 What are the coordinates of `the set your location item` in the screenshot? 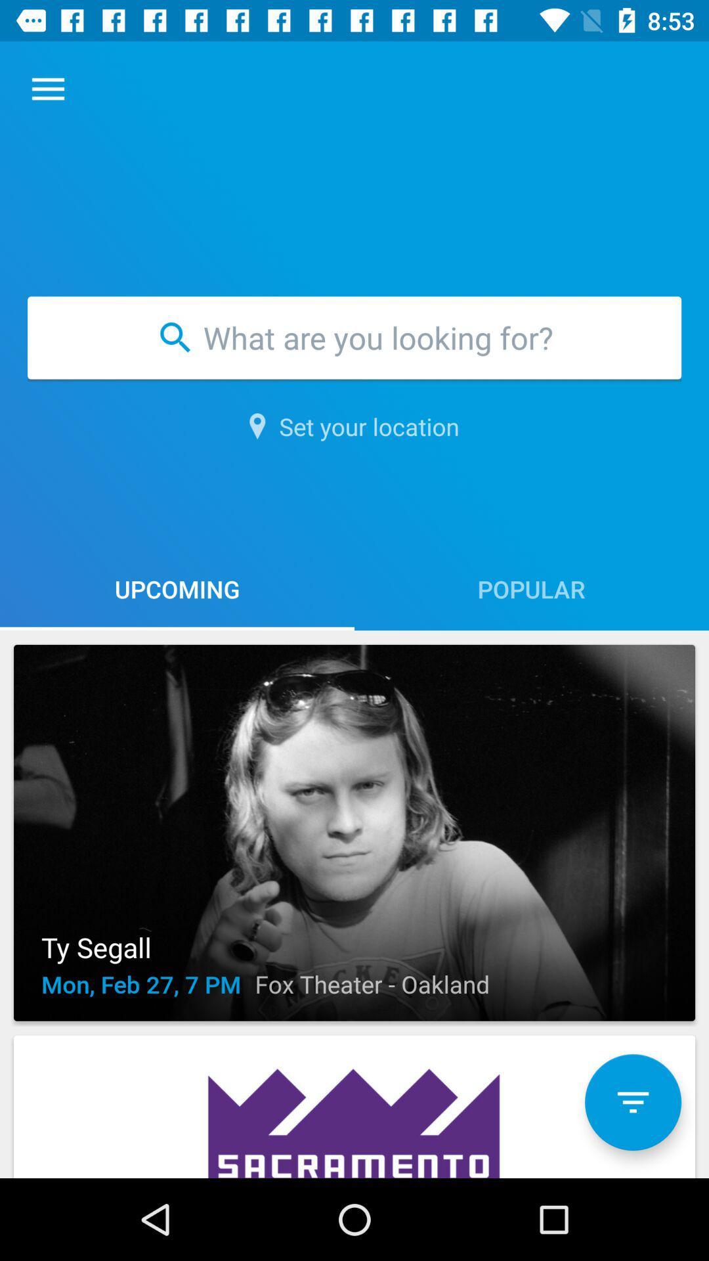 It's located at (354, 426).